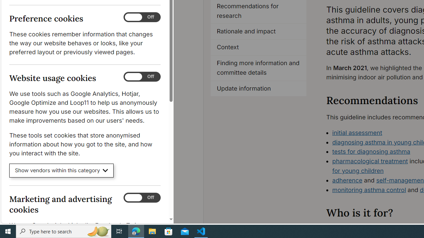  Describe the element at coordinates (357, 170) in the screenshot. I see `'for young children'` at that location.